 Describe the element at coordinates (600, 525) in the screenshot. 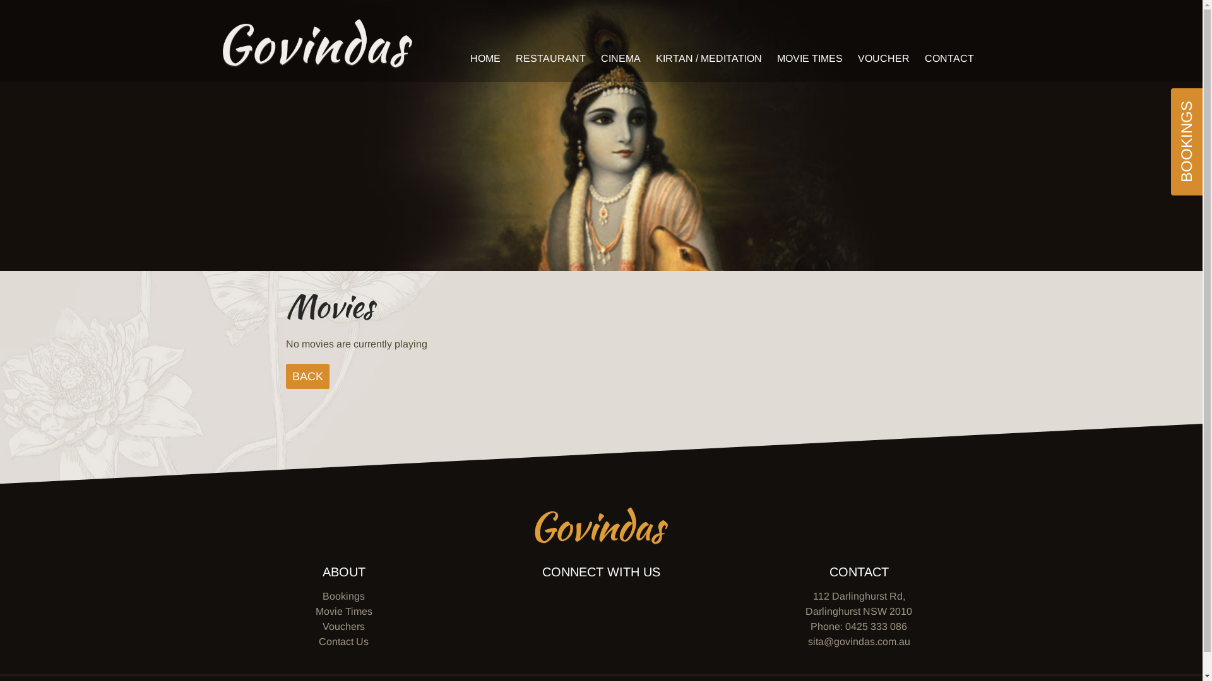

I see `'Govinda's'` at that location.